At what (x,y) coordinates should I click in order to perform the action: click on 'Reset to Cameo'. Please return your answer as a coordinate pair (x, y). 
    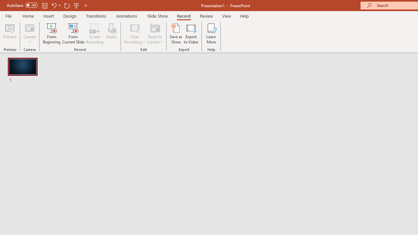
    Looking at the image, I should click on (154, 34).